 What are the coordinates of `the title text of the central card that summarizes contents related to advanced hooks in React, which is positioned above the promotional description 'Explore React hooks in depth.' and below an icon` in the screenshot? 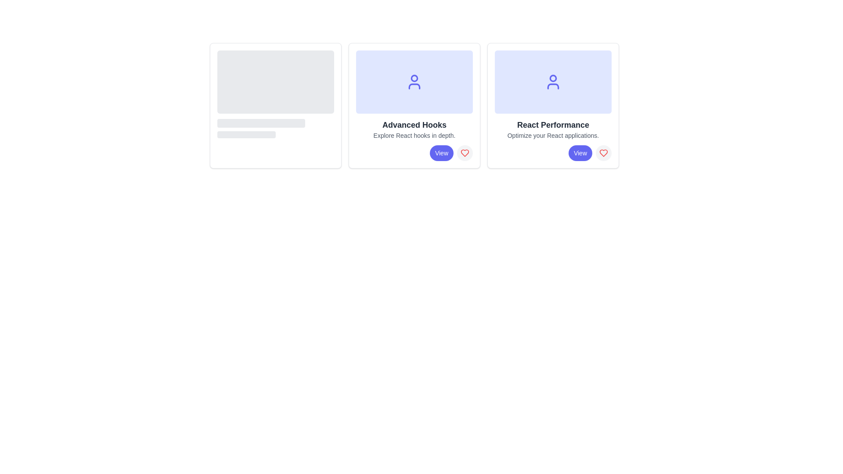 It's located at (414, 125).